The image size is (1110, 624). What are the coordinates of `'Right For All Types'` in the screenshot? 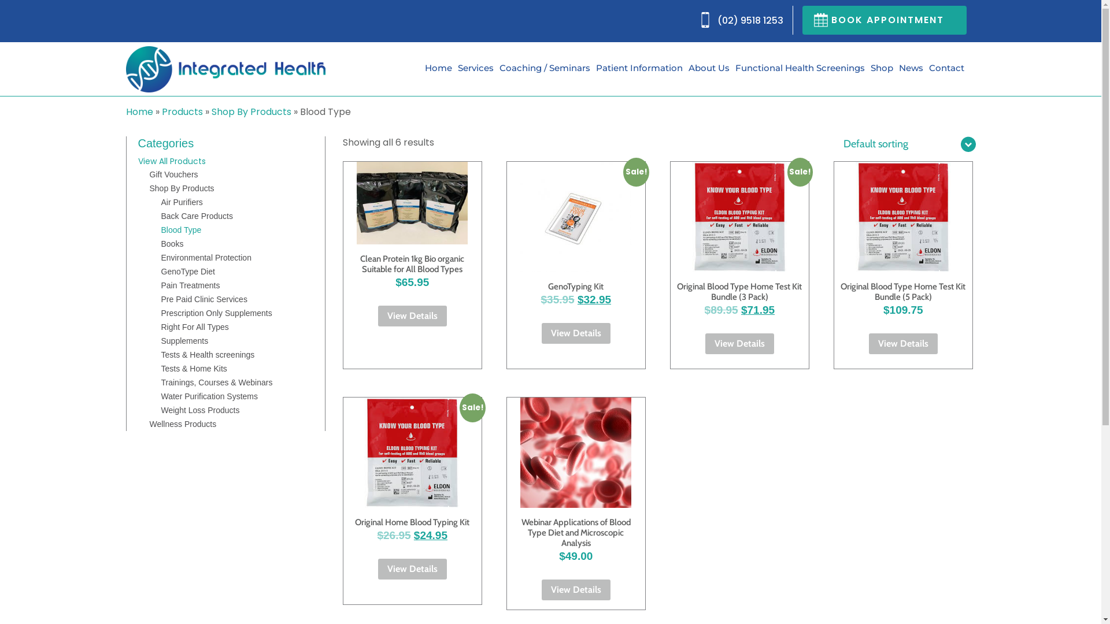 It's located at (194, 327).